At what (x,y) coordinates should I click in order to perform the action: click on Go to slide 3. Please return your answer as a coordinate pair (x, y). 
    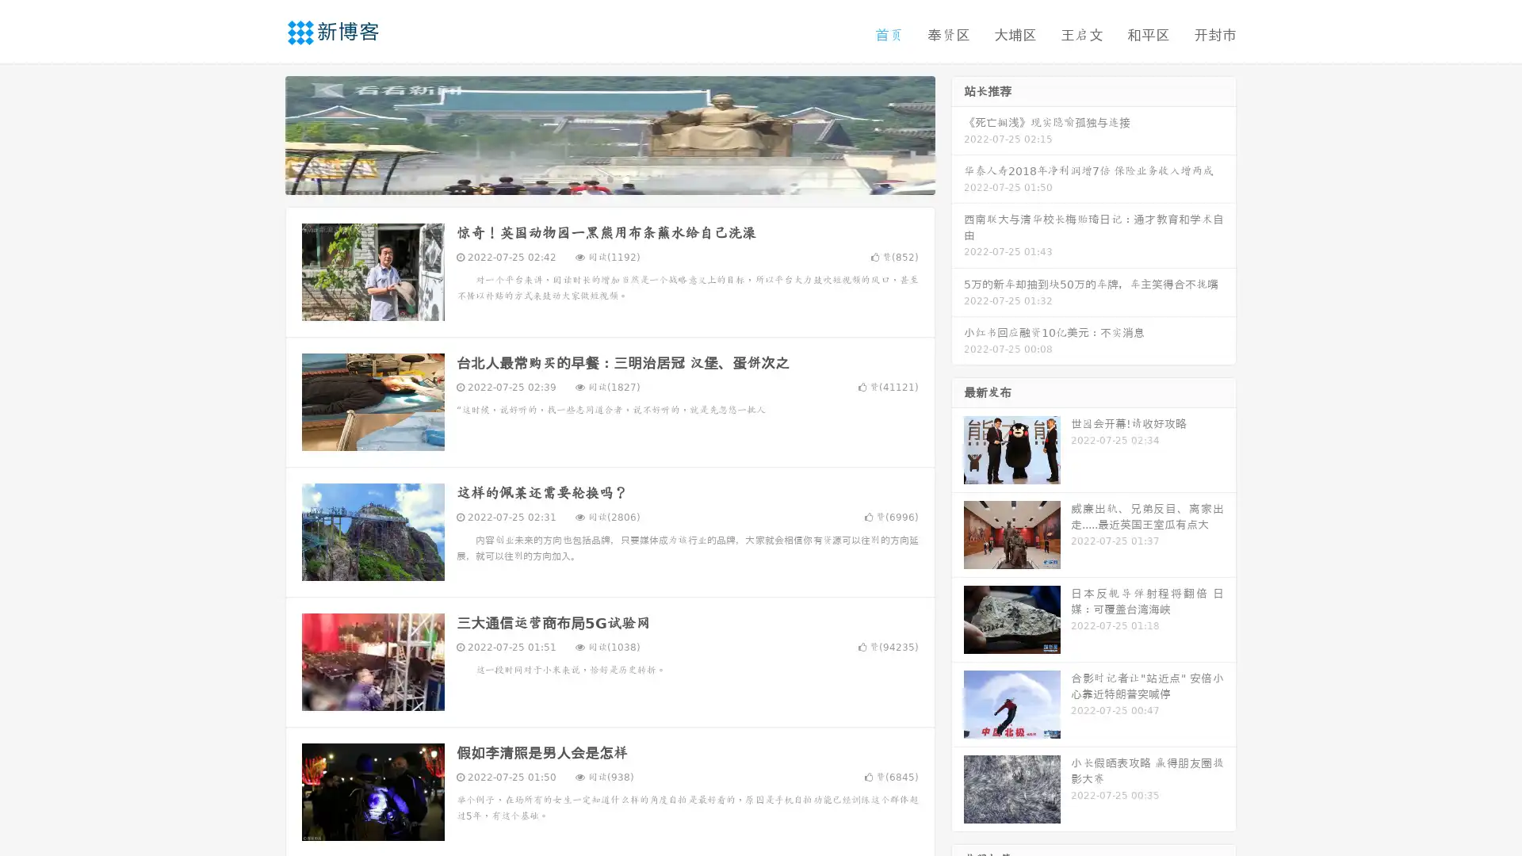
    Looking at the image, I should click on (625, 178).